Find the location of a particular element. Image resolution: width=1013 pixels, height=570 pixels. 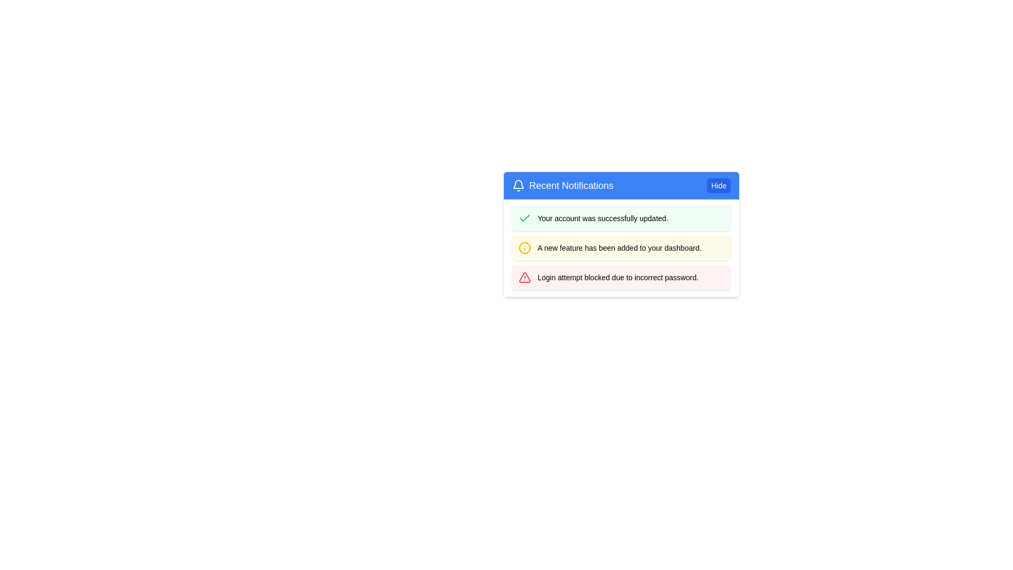

the notification banner that displays the message 'Your account was successfully updated.' by clicking on it is located at coordinates (621, 217).